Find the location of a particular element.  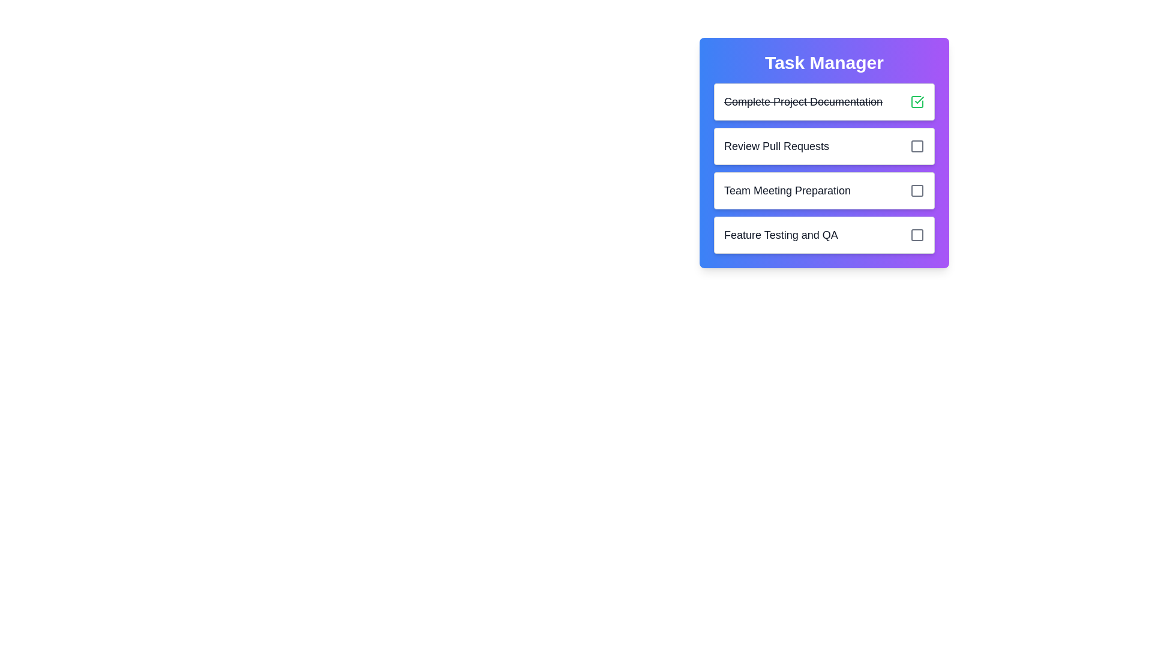

the small square checkbox with a dark gray border and white background, located to the right of 'Feature Testing and QA' in the fourth row of the list within the card interface is located at coordinates (917, 235).